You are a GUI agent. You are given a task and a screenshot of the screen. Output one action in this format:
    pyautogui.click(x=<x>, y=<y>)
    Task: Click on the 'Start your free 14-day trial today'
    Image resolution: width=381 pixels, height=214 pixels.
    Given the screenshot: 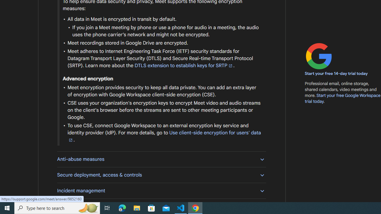 What is the action you would take?
    pyautogui.click(x=336, y=73)
    